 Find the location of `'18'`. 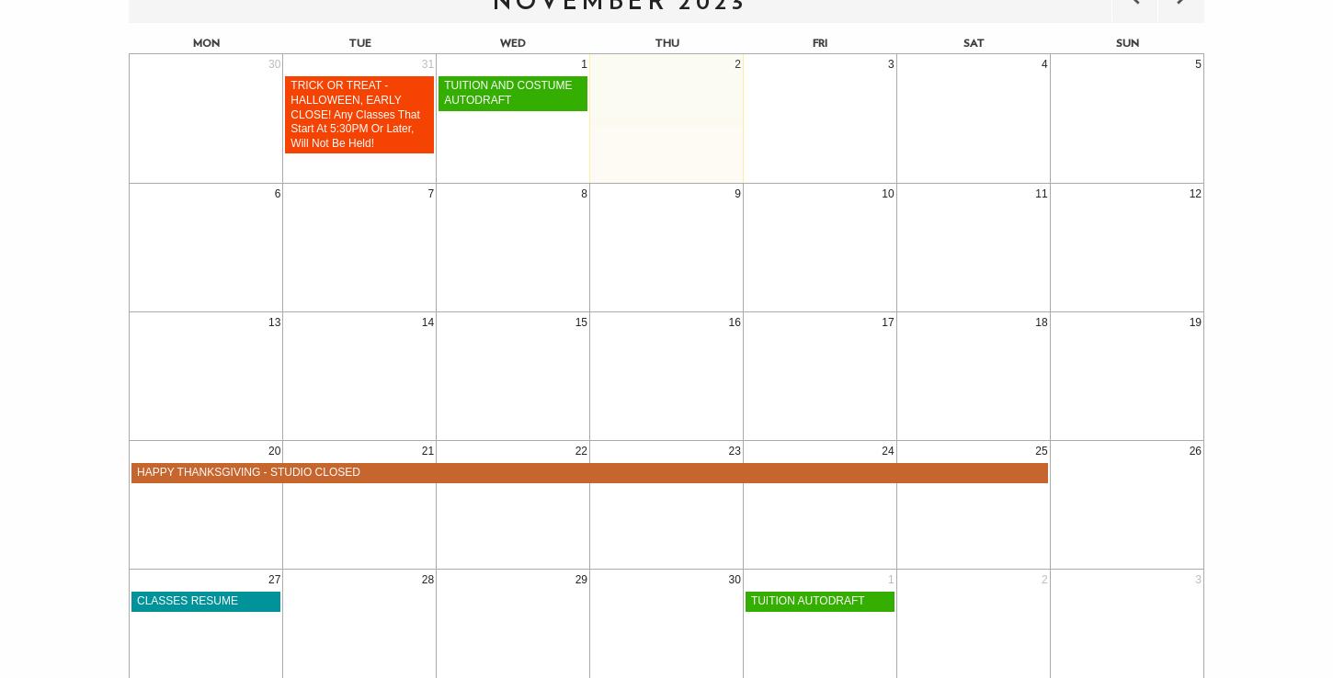

'18' is located at coordinates (1034, 322).